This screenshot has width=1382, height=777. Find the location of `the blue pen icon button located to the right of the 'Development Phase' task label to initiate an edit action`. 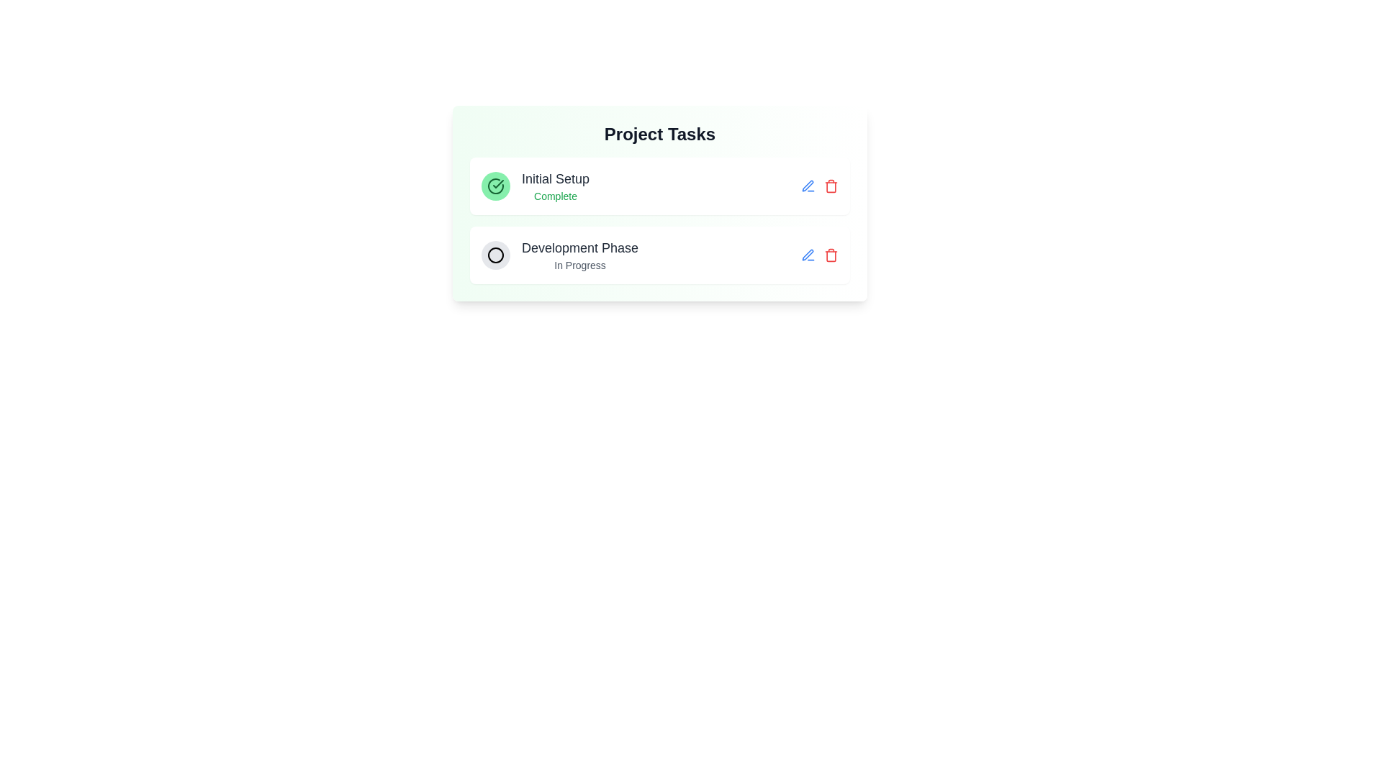

the blue pen icon button located to the right of the 'Development Phase' task label to initiate an edit action is located at coordinates (808, 185).